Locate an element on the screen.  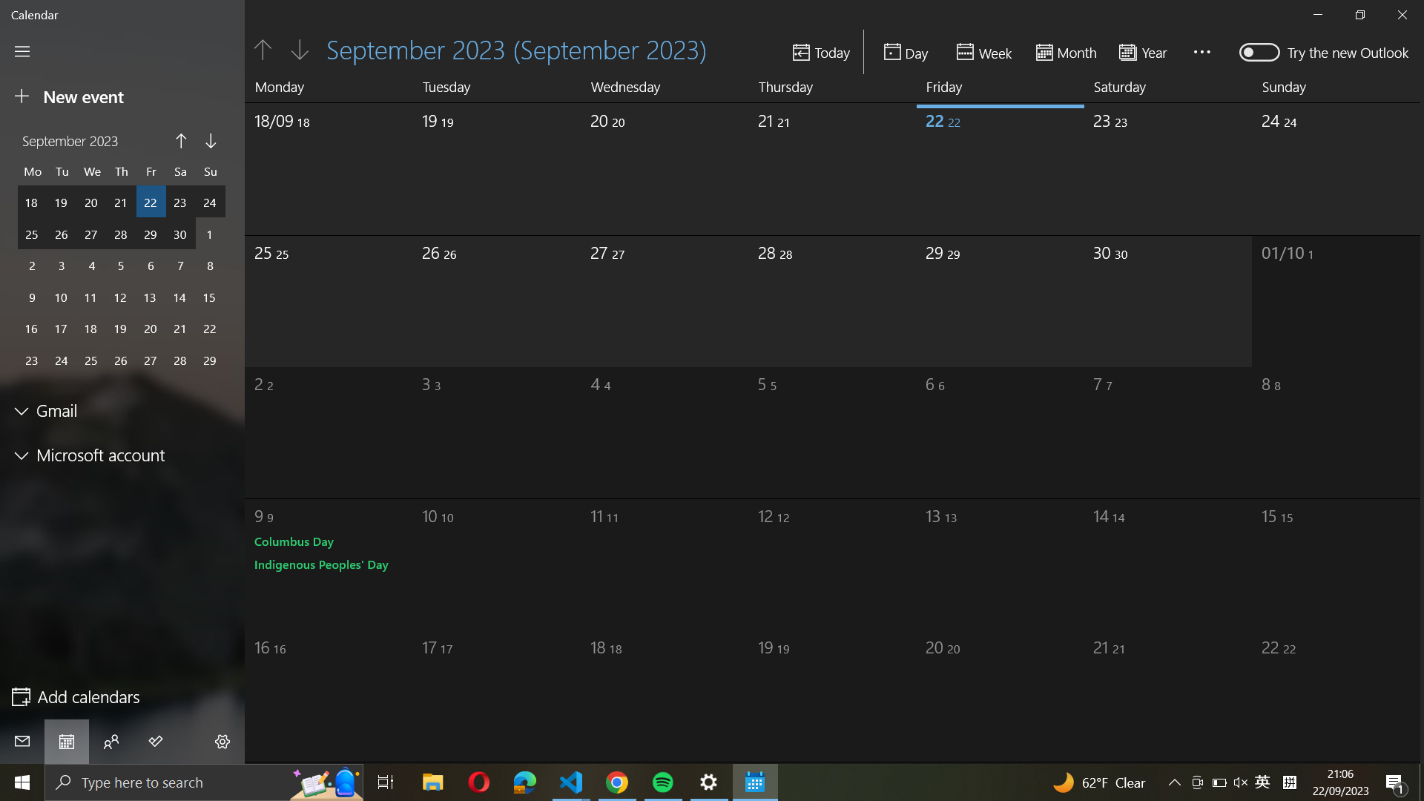
Change the current view setting to month is located at coordinates (1066, 50).